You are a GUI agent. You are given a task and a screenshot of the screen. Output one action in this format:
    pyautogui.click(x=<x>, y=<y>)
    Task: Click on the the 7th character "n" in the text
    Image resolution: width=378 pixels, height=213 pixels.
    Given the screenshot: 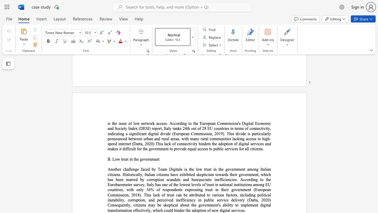 What is the action you would take?
    pyautogui.click(x=166, y=149)
    